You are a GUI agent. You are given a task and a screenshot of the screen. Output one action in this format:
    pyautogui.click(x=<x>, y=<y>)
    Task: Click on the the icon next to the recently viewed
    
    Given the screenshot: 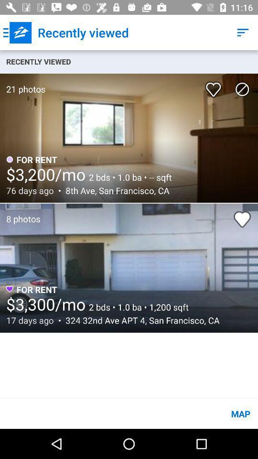 What is the action you would take?
    pyautogui.click(x=243, y=33)
    